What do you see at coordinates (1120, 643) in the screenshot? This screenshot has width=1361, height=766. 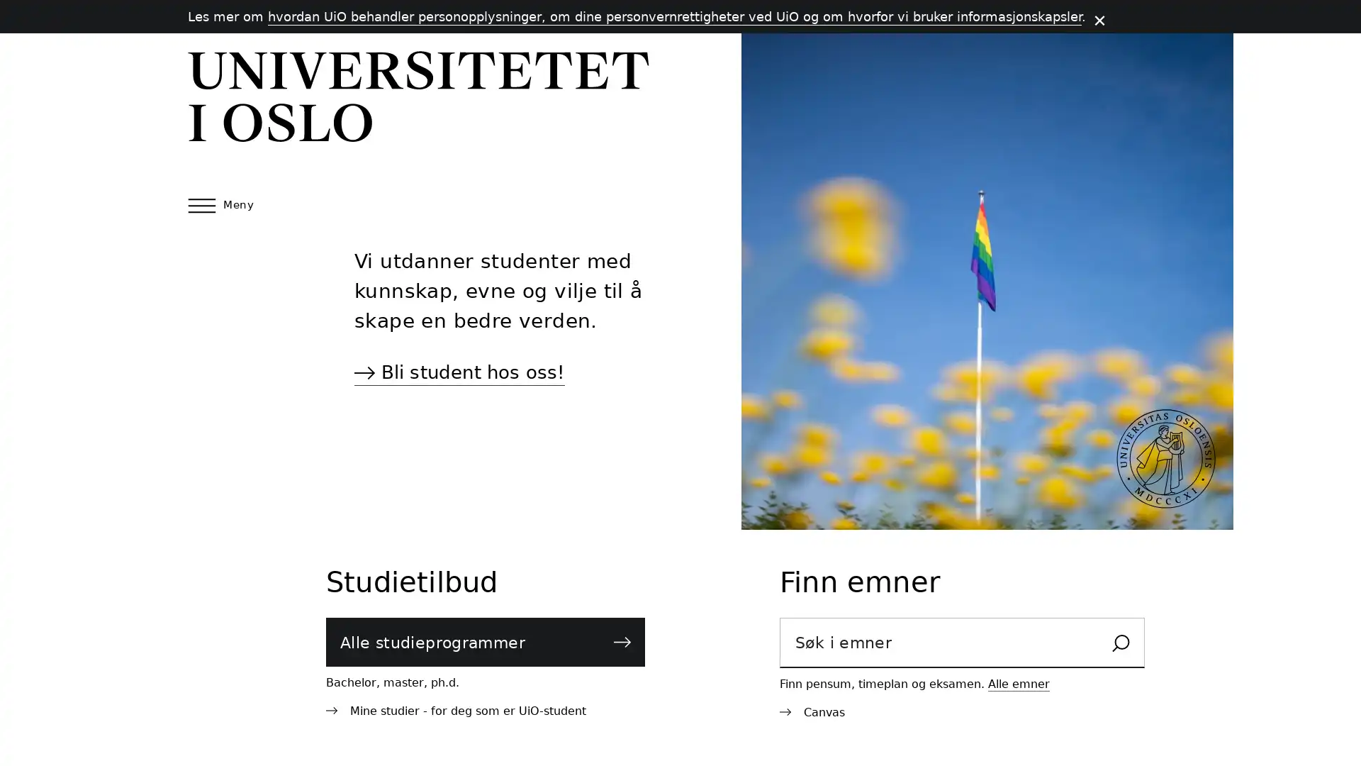 I see `Sk` at bounding box center [1120, 643].